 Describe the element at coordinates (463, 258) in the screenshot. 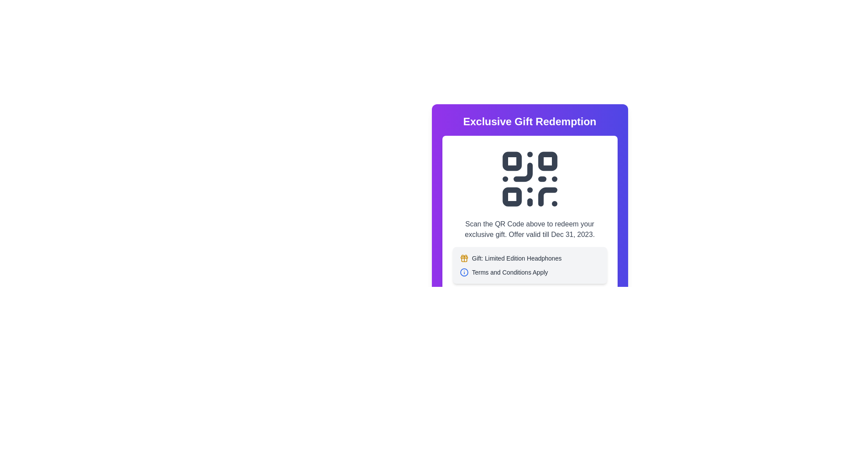

I see `the gift icon located to the left of the text 'Gift: Limited Edition Headphones'` at that location.